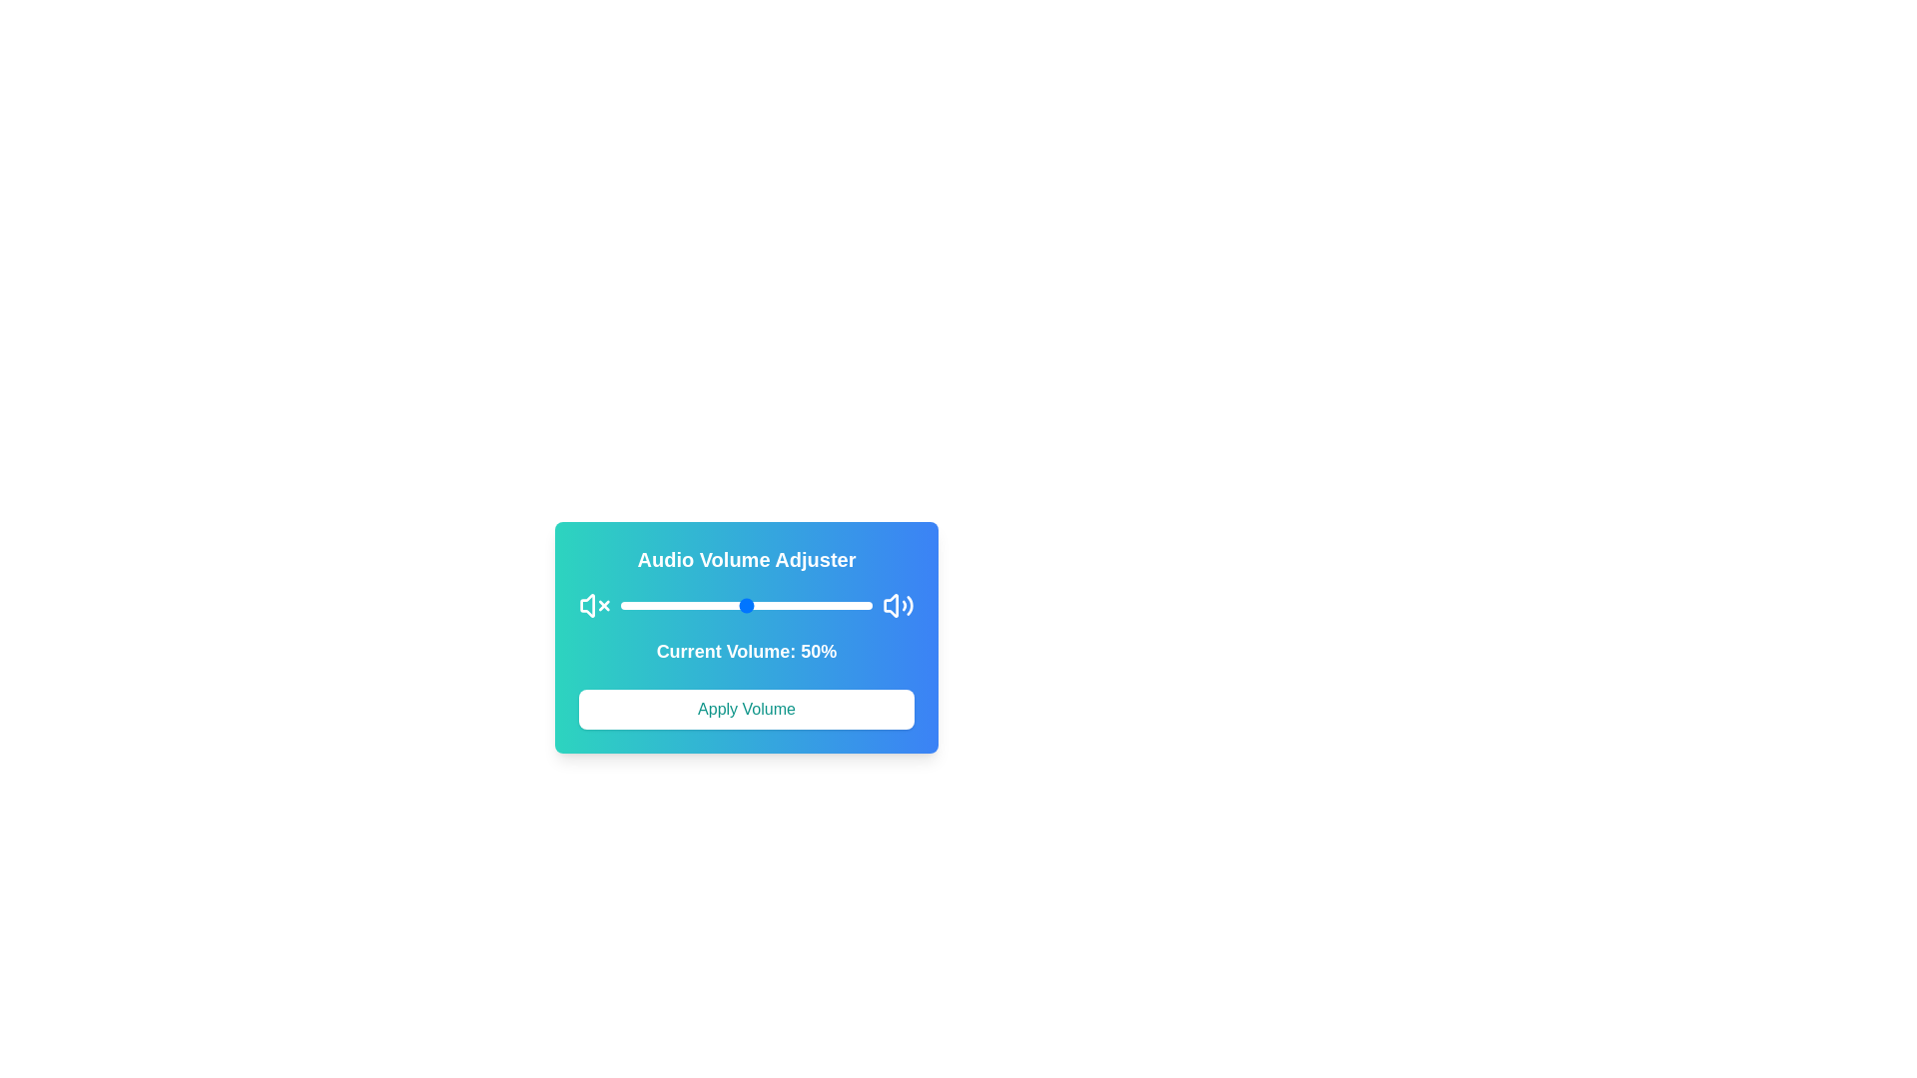 This screenshot has width=1917, height=1078. Describe the element at coordinates (719, 604) in the screenshot. I see `the volume to 39% by dragging the slider` at that location.